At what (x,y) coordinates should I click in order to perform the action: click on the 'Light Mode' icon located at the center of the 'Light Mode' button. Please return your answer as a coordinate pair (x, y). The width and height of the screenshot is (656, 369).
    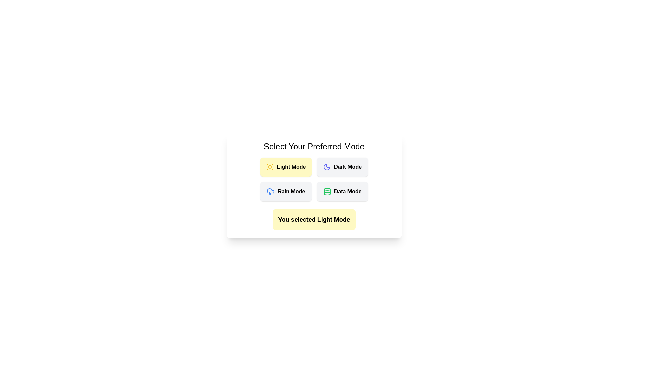
    Looking at the image, I should click on (270, 167).